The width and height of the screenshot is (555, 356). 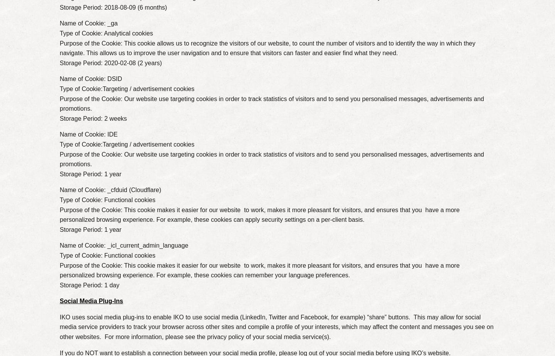 I want to click on 'Name of Cookie: _cfduid (Cloudflare)', so click(x=110, y=189).